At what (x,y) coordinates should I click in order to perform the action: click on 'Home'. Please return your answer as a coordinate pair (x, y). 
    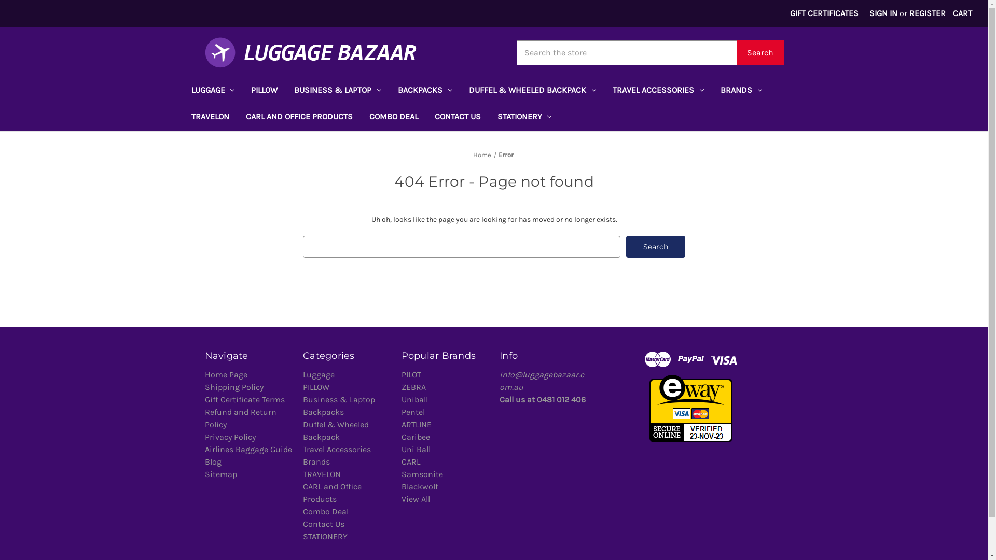
    Looking at the image, I should click on (481, 155).